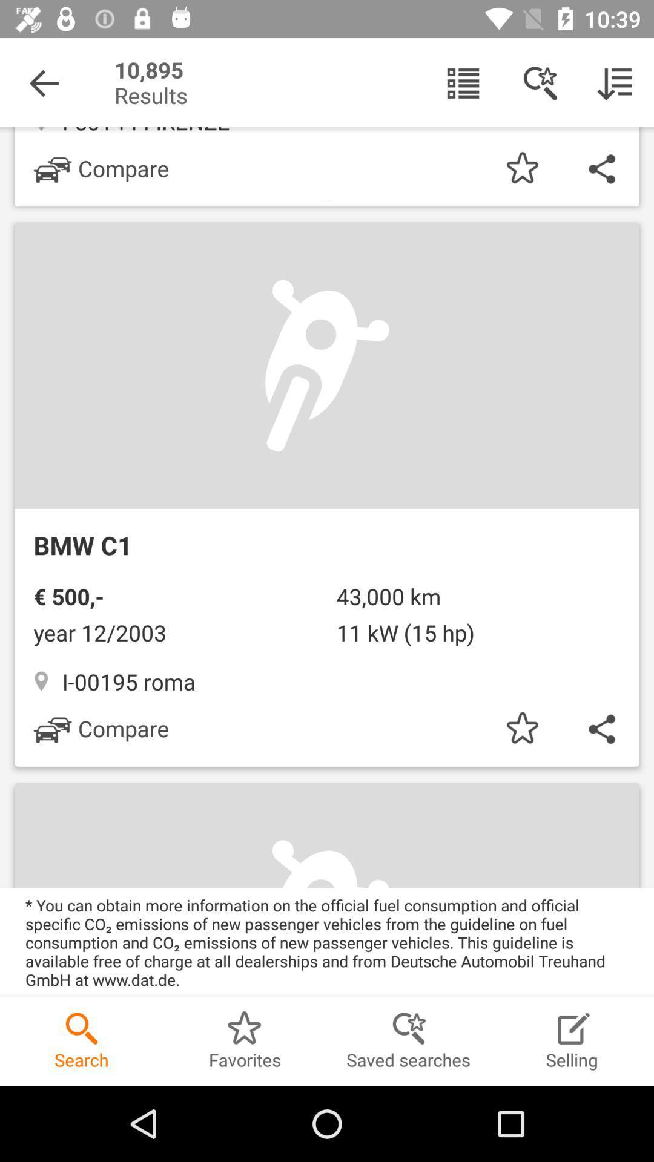 The width and height of the screenshot is (654, 1162). What do you see at coordinates (601, 728) in the screenshot?
I see `the share icon  below  bmw c1 to the right of compare` at bounding box center [601, 728].